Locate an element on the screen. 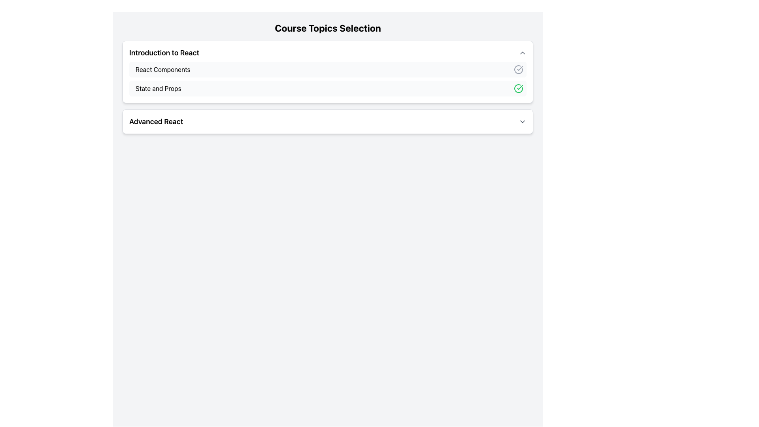 The width and height of the screenshot is (759, 427). the 'Introduction to React' text header is located at coordinates (164, 53).